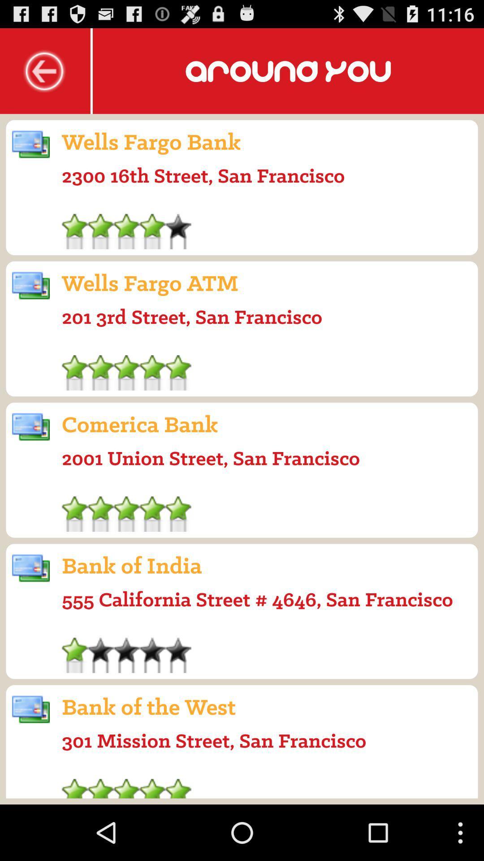 The width and height of the screenshot is (484, 861). I want to click on the app below the wells fargo bank, so click(203, 175).